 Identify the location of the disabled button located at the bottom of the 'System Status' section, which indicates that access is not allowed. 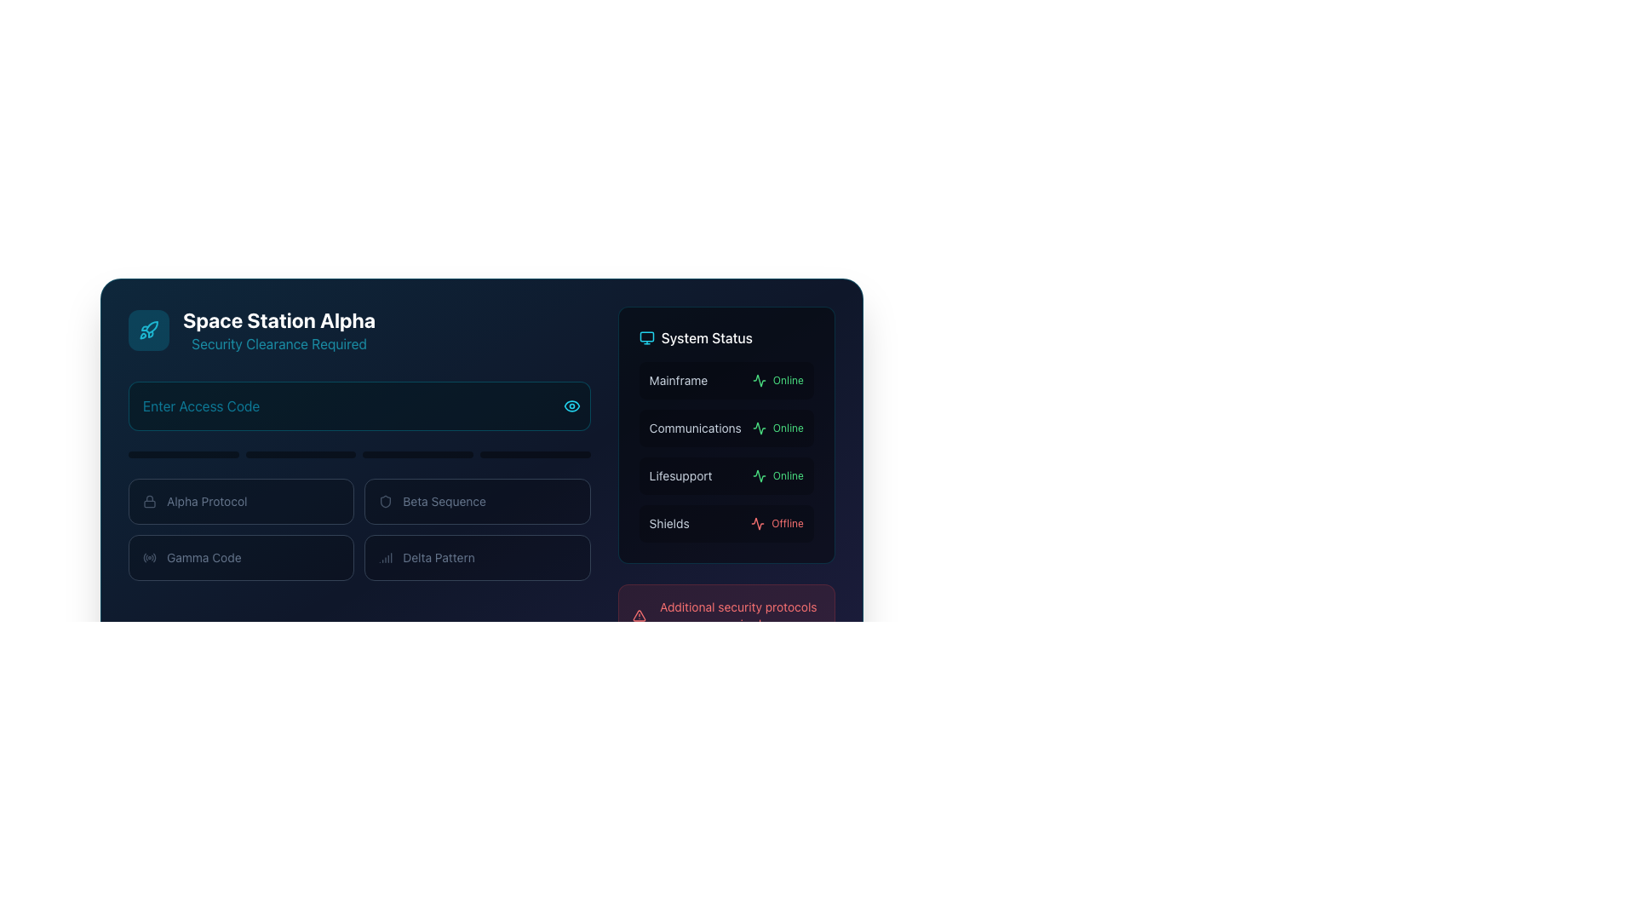
(726, 692).